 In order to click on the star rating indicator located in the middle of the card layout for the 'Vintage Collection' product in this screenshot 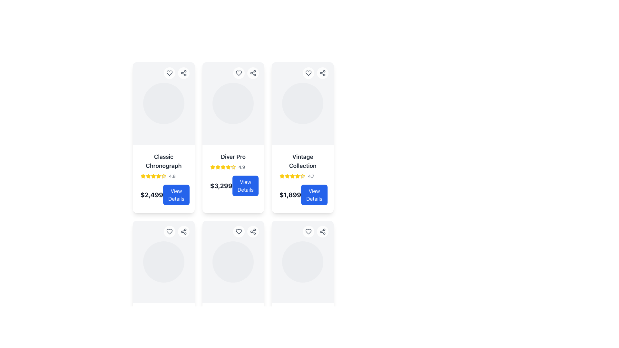, I will do `click(302, 176)`.